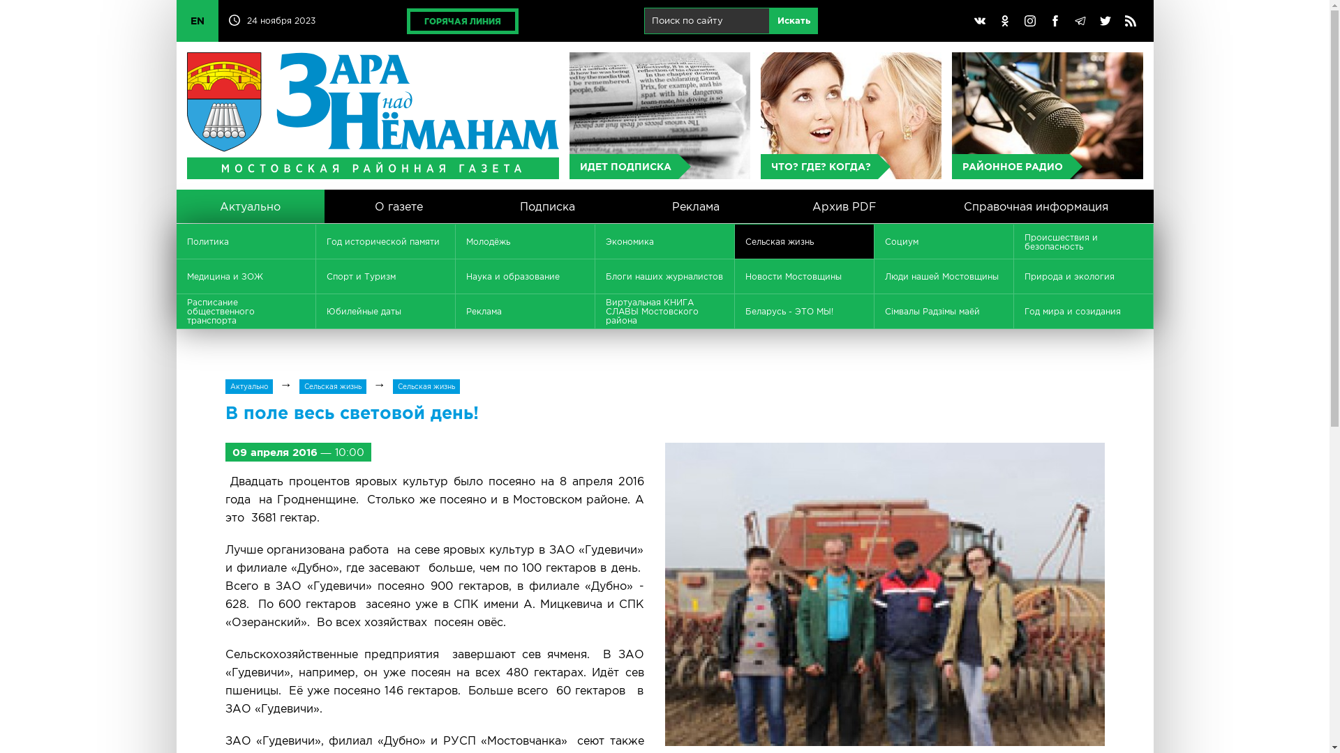 The image size is (1340, 753). I want to click on 'EN', so click(196, 21).